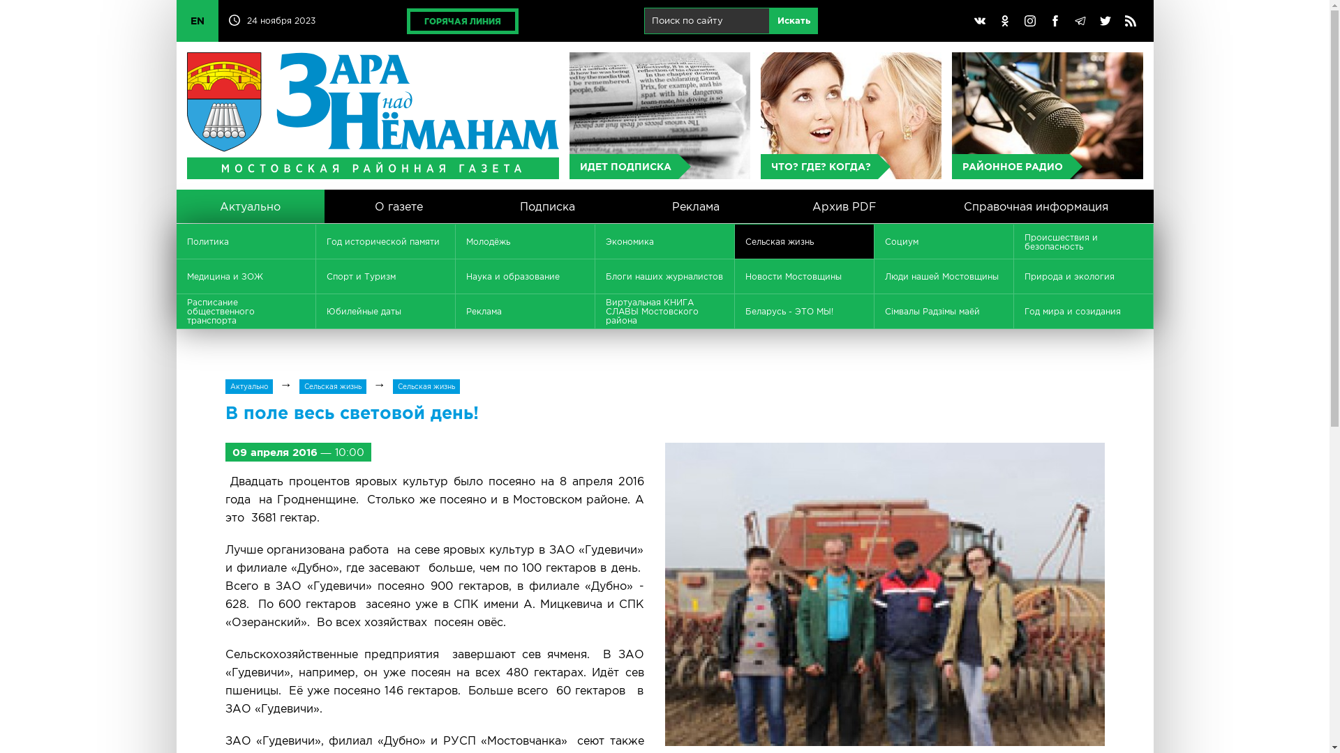 The image size is (1340, 753). I want to click on 'EN', so click(196, 21).